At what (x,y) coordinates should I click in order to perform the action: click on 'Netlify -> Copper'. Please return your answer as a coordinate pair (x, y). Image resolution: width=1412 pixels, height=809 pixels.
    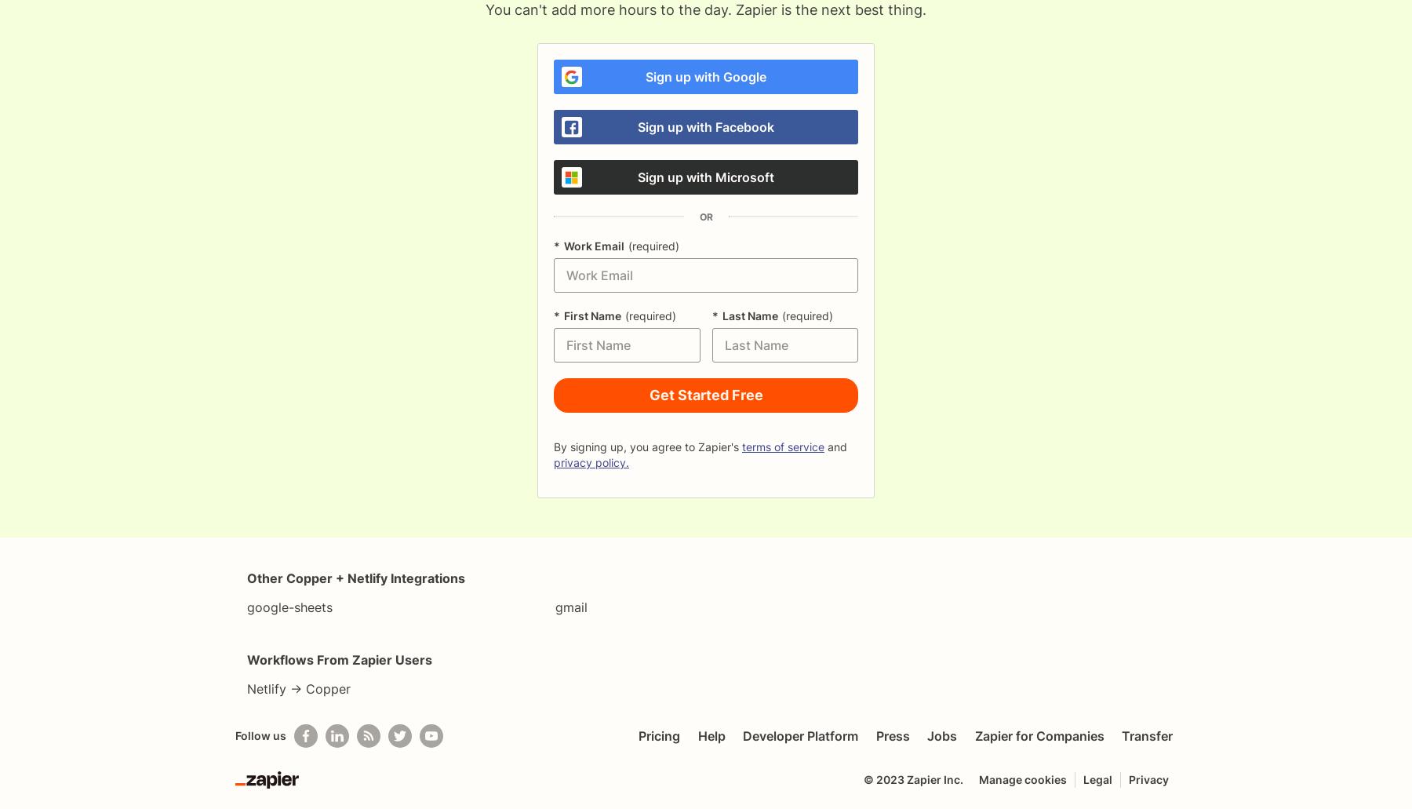
    Looking at the image, I should click on (299, 688).